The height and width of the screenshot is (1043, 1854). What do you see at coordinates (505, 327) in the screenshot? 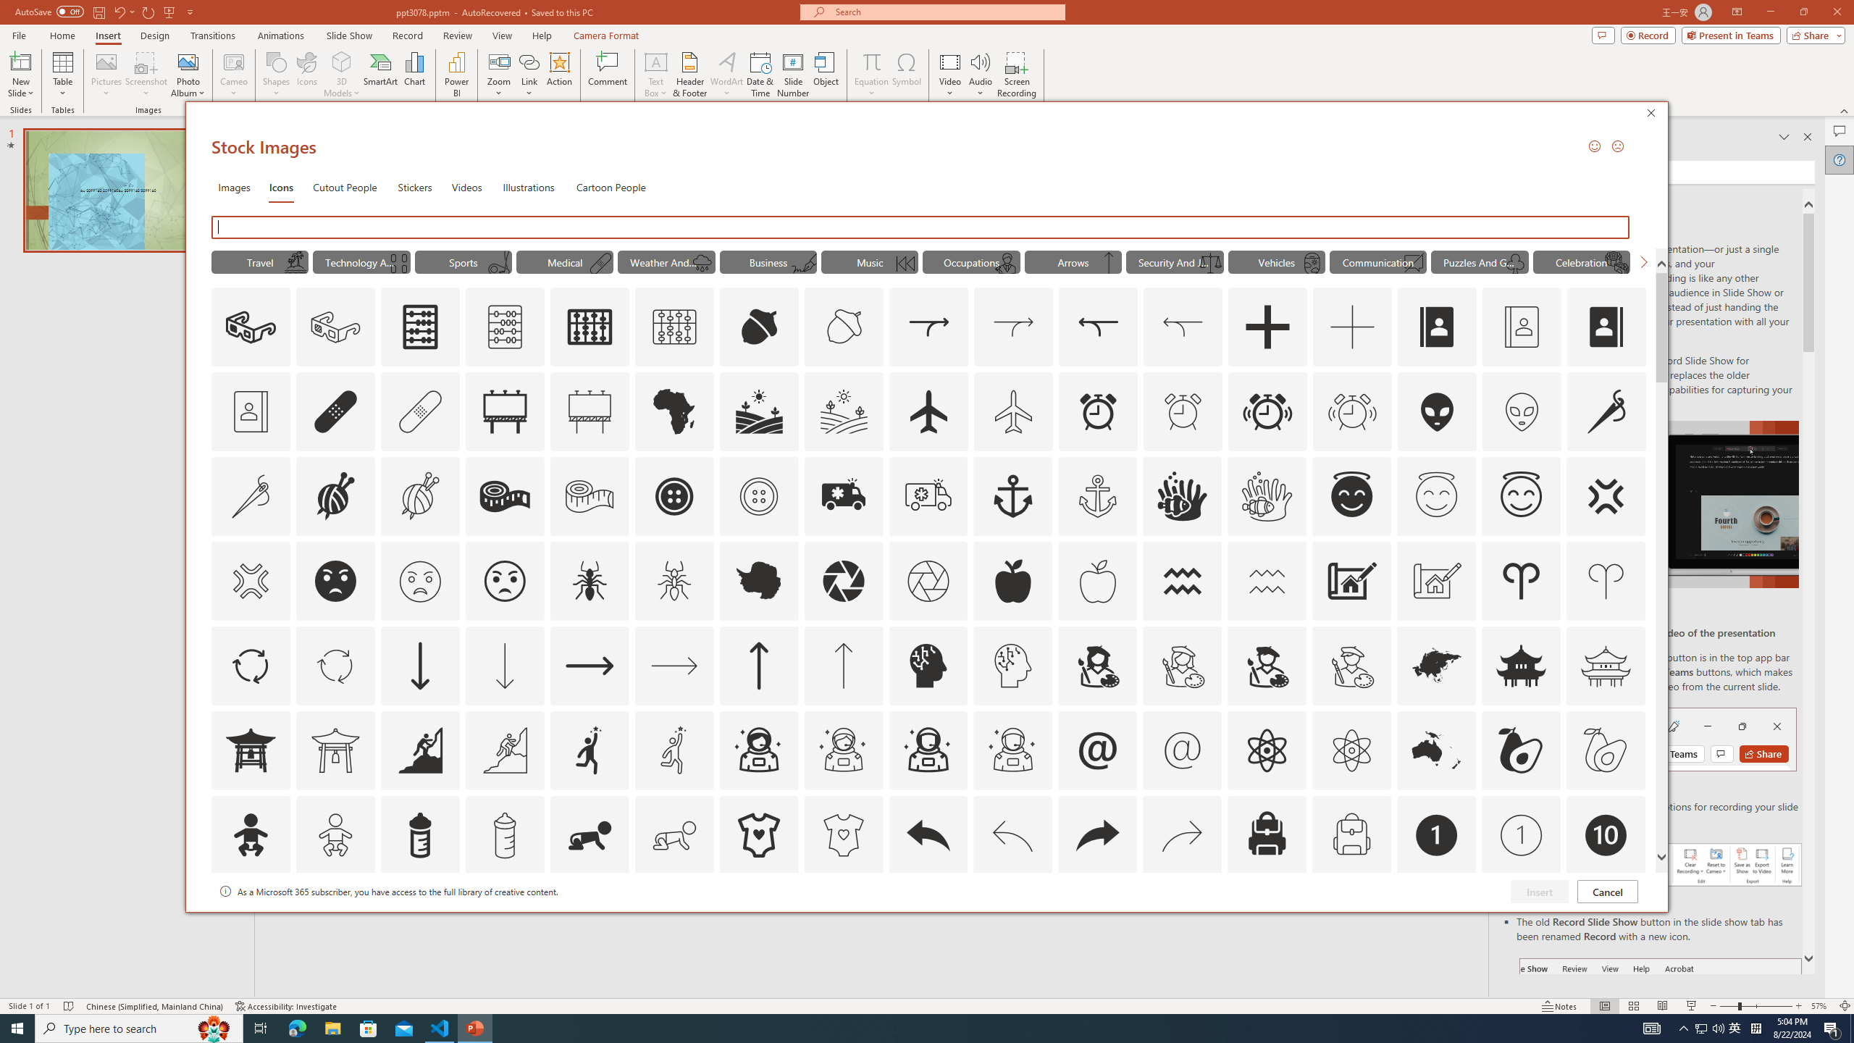
I see `'AutomationID: Icons_Abacus_M'` at bounding box center [505, 327].